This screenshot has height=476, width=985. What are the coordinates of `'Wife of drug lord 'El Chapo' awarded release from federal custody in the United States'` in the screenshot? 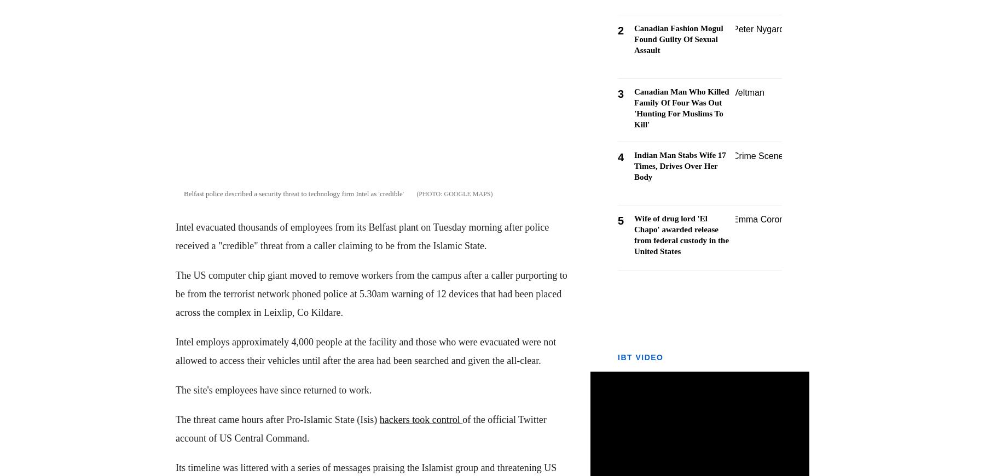 It's located at (634, 234).